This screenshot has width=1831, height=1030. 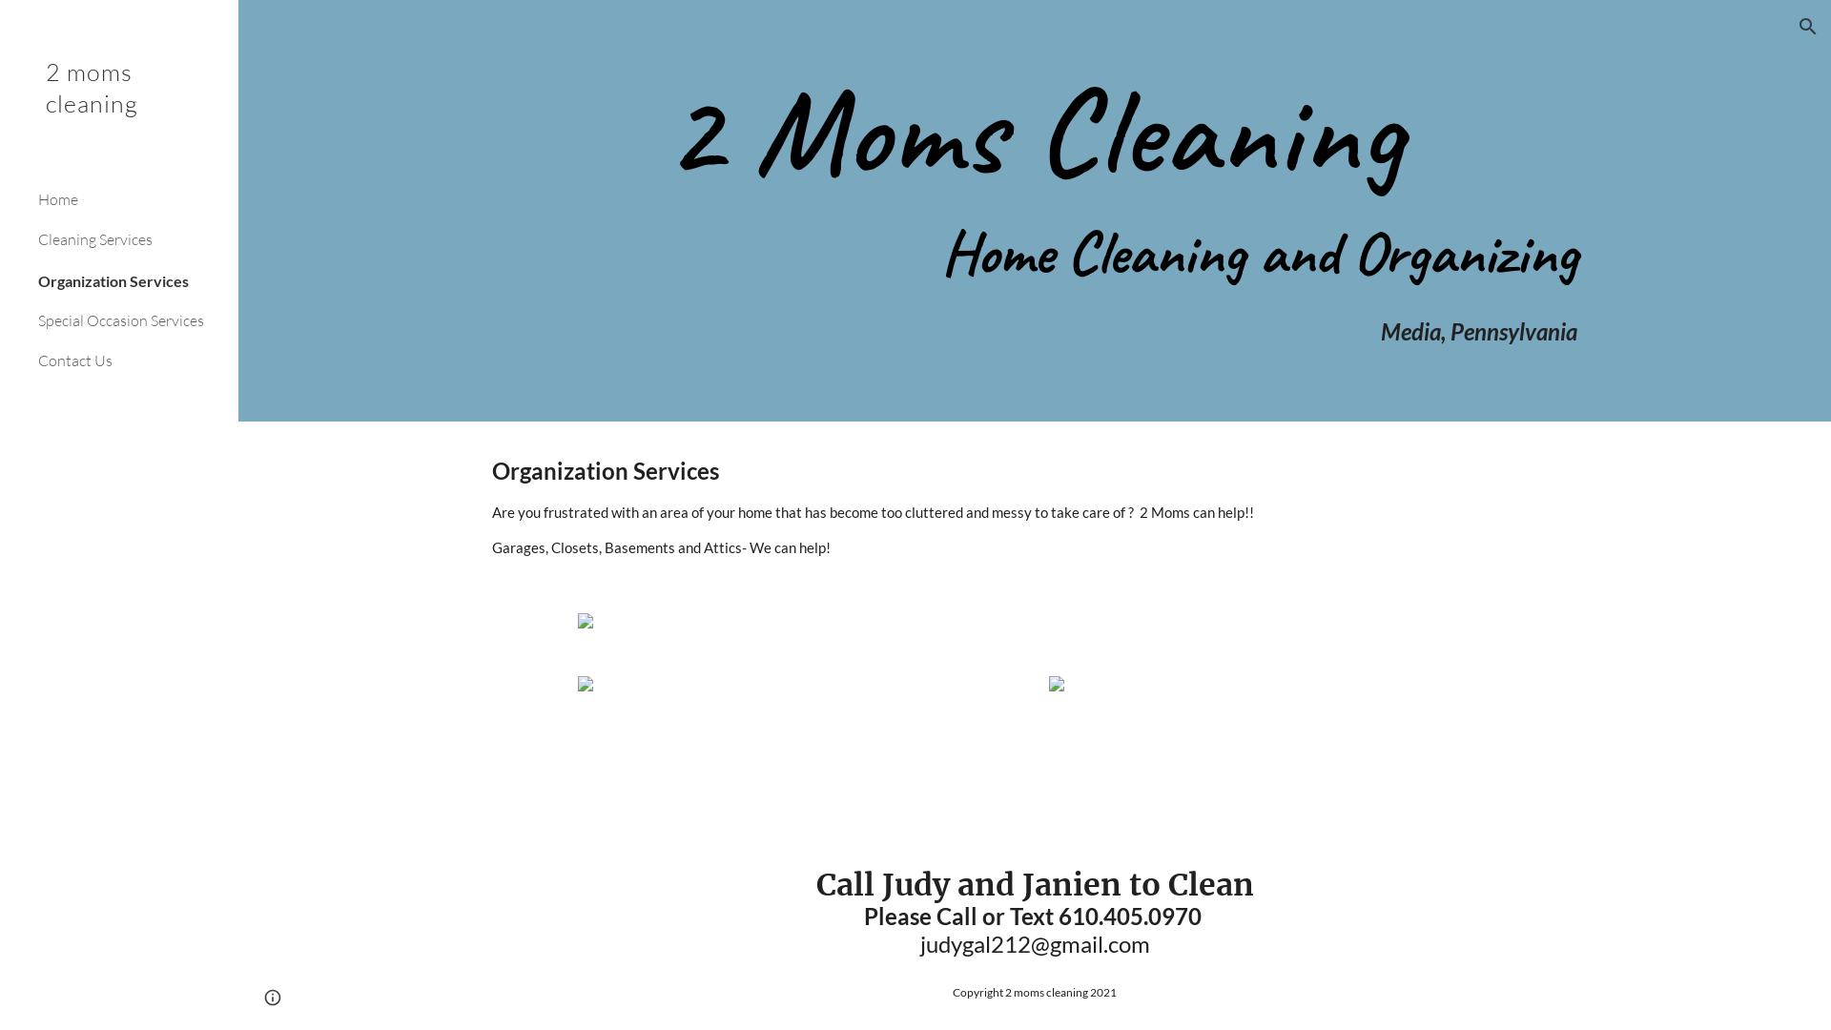 I want to click on 'judygal212@gmail.com', so click(x=1033, y=942).